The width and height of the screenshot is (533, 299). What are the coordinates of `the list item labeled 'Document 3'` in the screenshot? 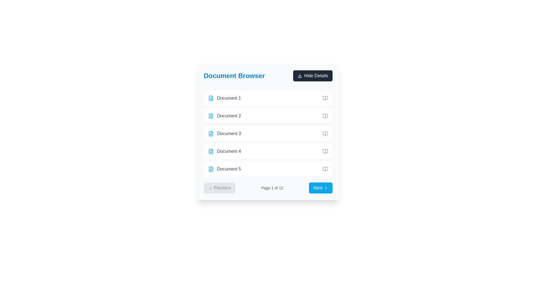 It's located at (225, 133).